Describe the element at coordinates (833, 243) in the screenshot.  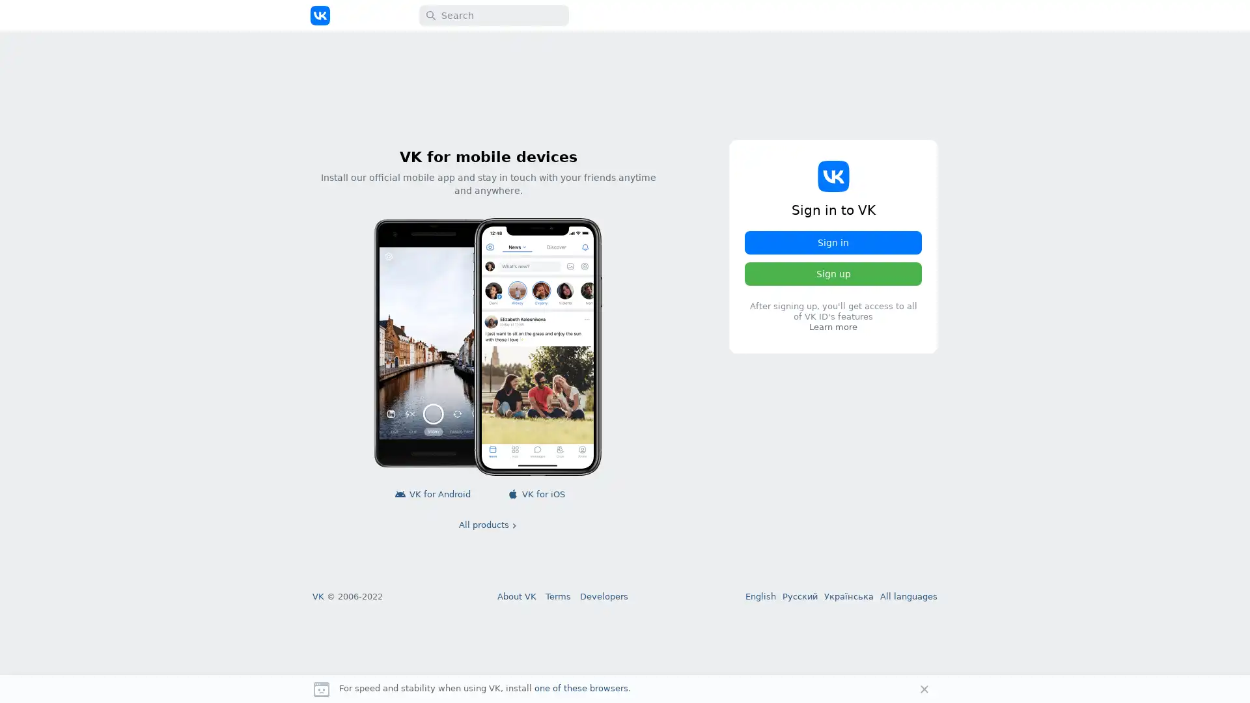
I see `Sign in` at that location.